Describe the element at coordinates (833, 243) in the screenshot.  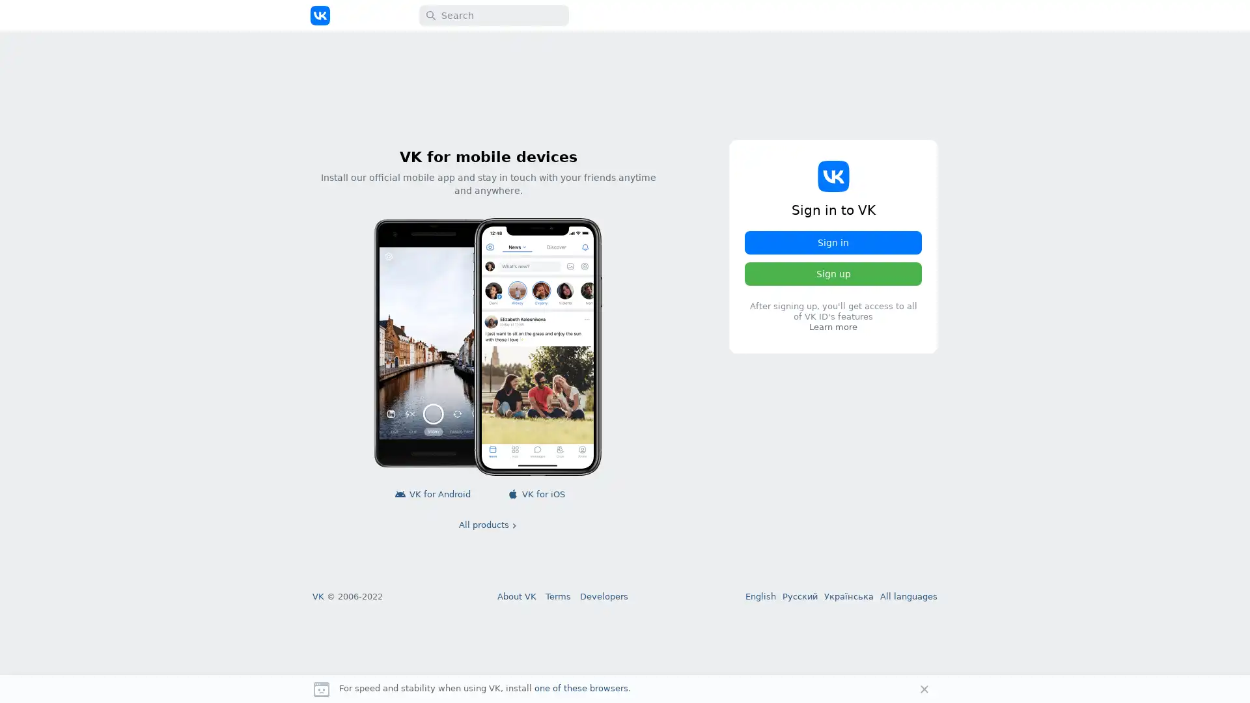
I see `Sign in` at that location.